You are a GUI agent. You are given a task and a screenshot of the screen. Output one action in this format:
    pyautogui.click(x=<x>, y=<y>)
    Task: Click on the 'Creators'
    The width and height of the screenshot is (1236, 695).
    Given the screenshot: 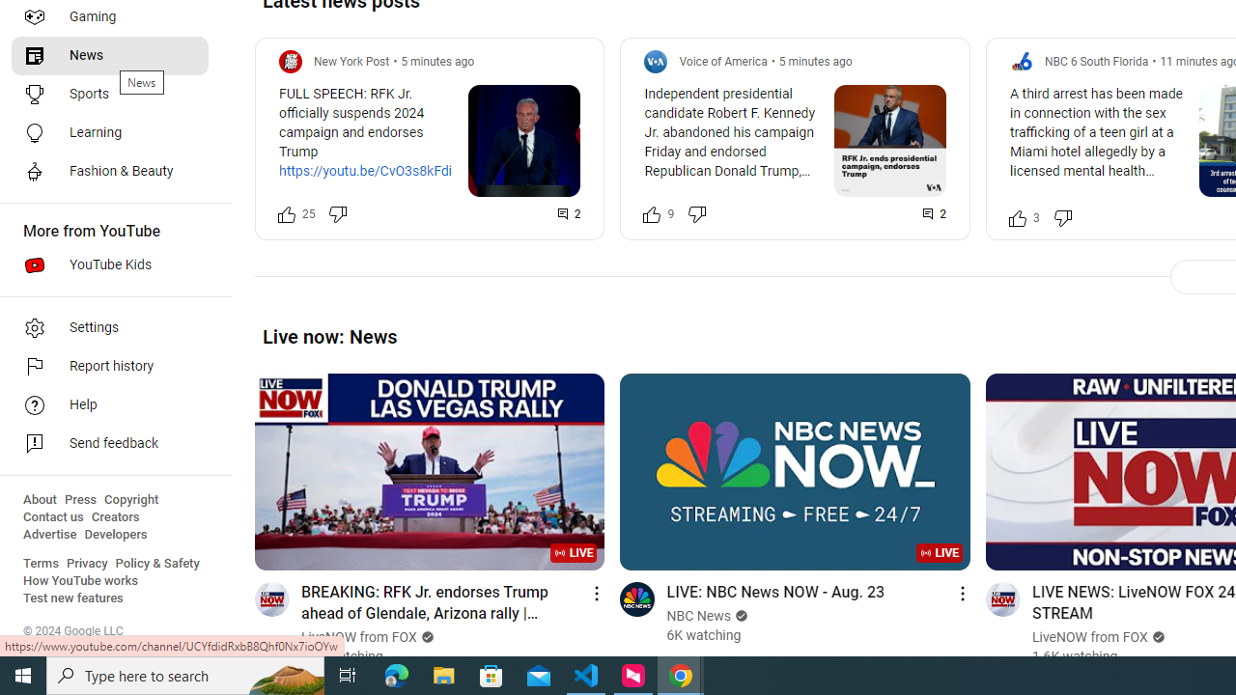 What is the action you would take?
    pyautogui.click(x=114, y=516)
    